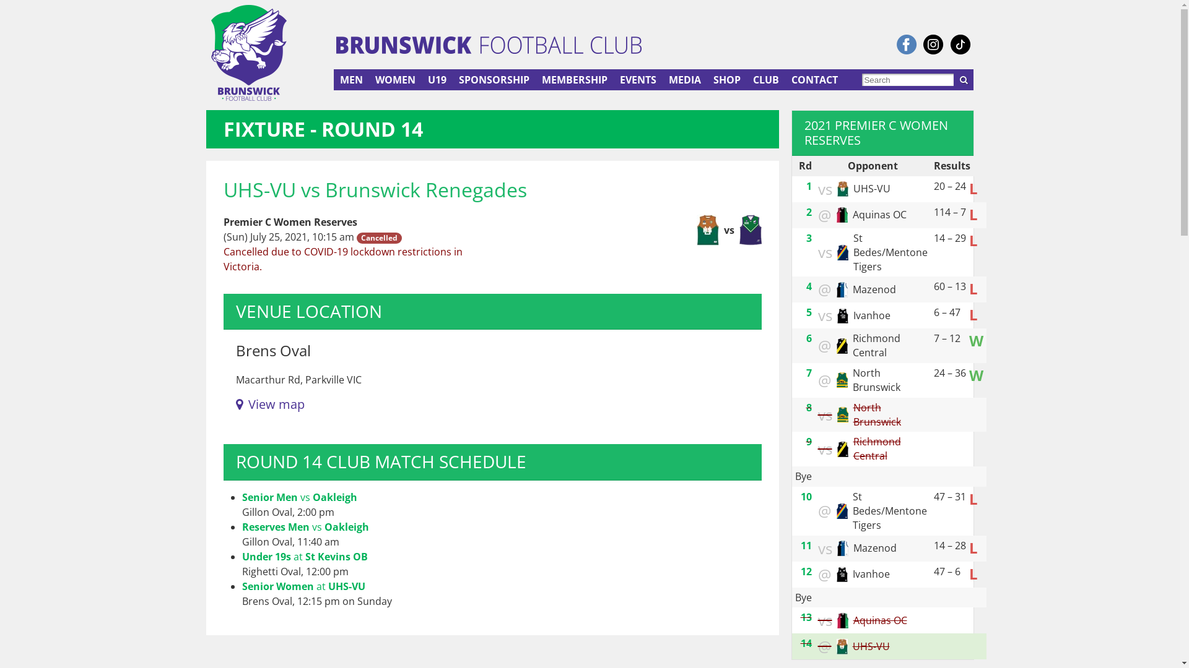 The height and width of the screenshot is (668, 1189). I want to click on 'Senior Men vs Oakleigh', so click(299, 496).